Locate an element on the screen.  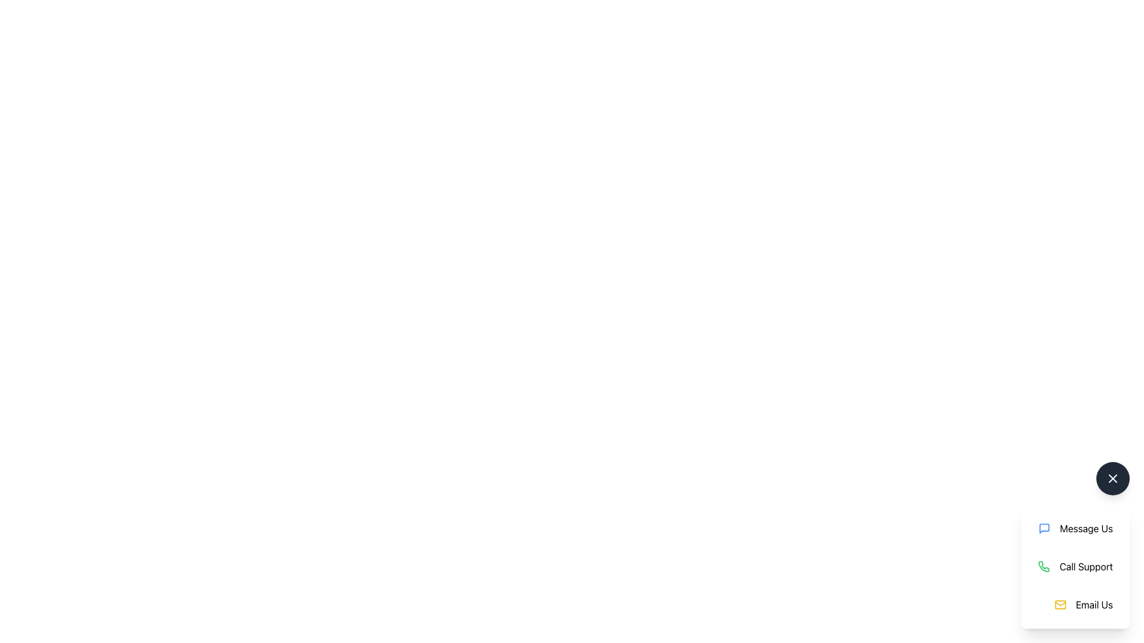
the 'Email Us' icon located at the leftmost side of the button is located at coordinates (1060, 604).